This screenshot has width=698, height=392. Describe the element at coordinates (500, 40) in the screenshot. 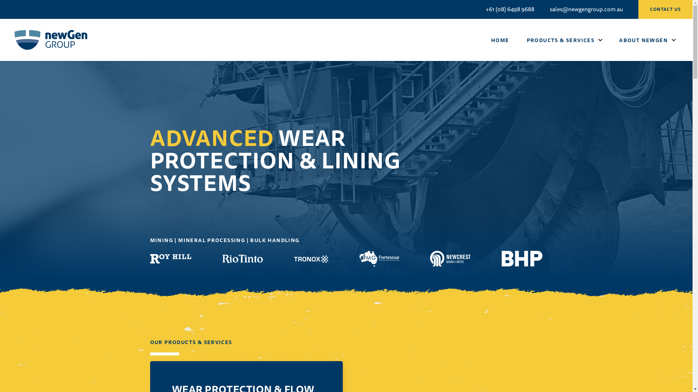

I see `'HOME'` at that location.